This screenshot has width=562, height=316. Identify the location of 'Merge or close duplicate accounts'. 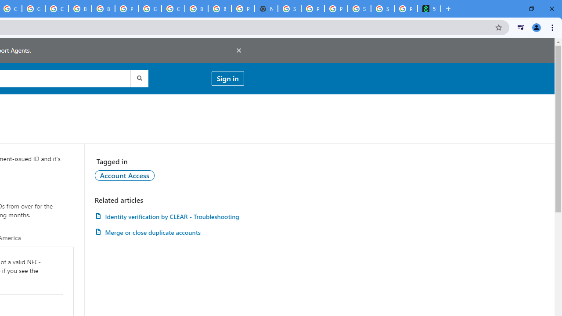
(169, 232).